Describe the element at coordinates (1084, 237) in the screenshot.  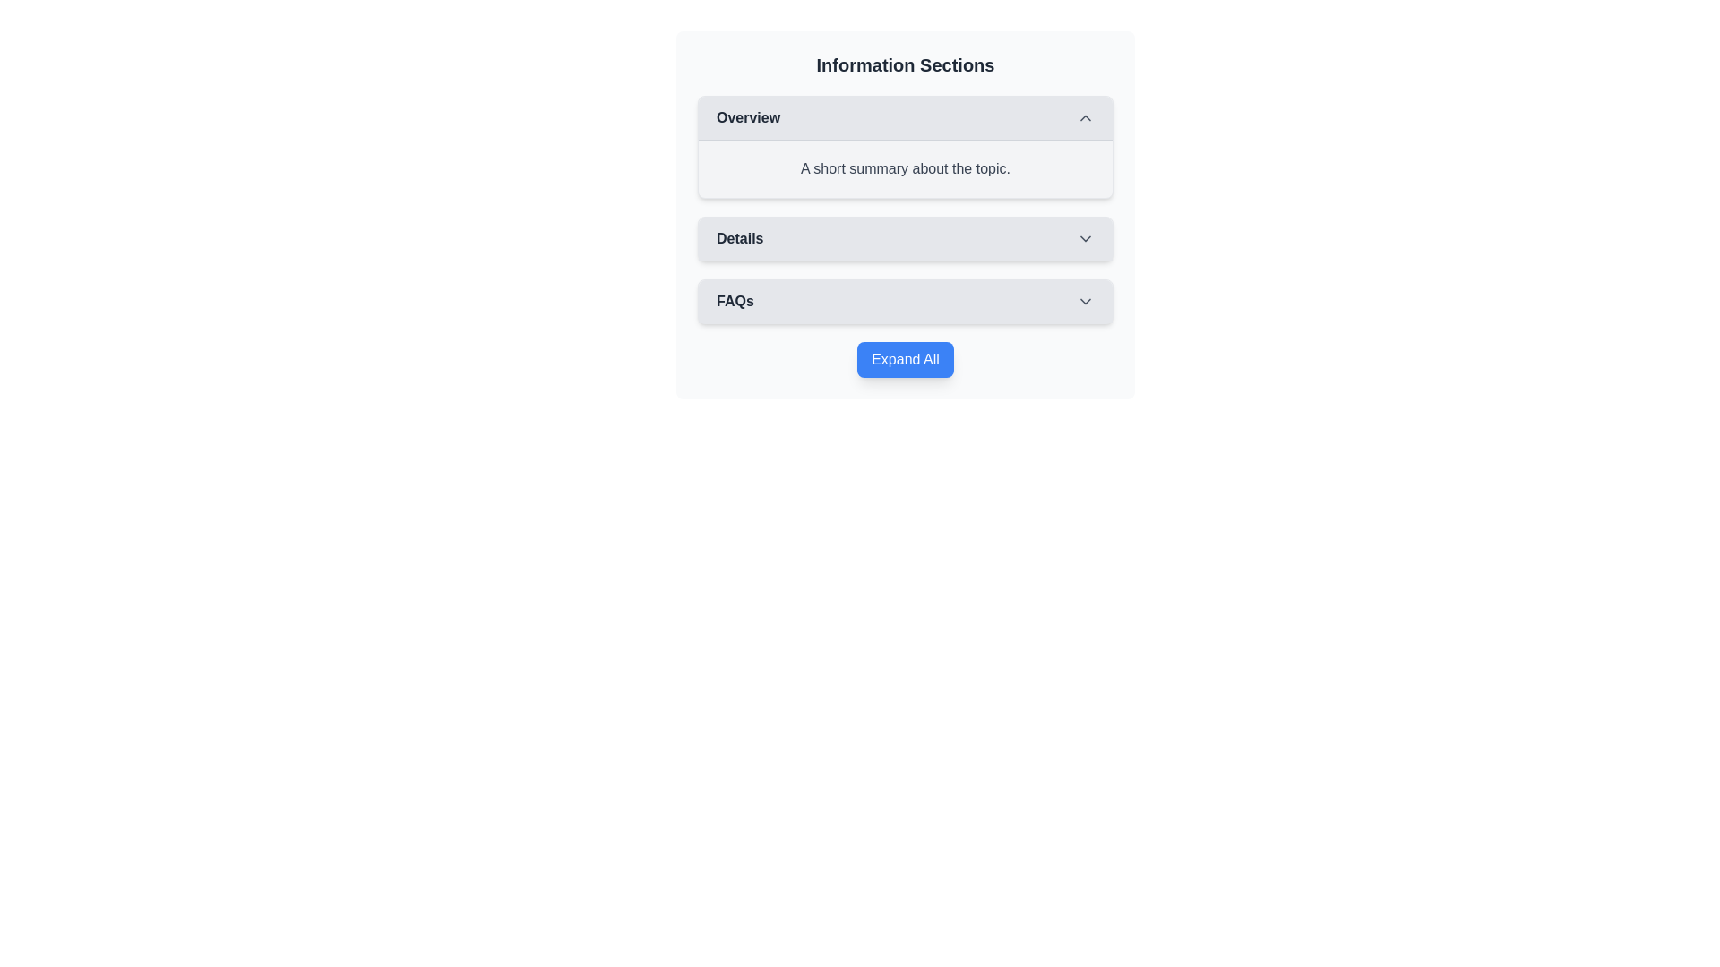
I see `the dropdown toggle icon next to the 'Details' label` at that location.